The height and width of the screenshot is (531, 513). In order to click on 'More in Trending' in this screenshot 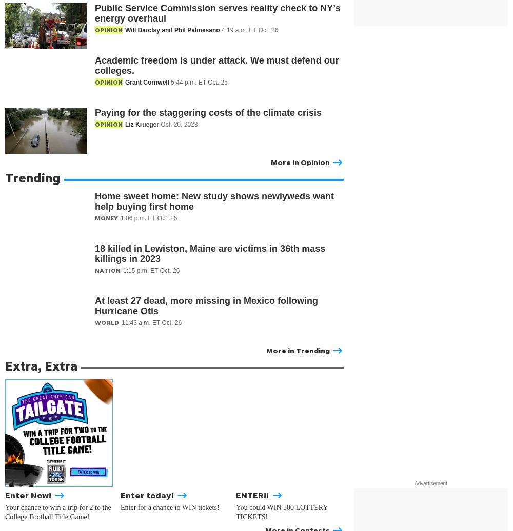, I will do `click(298, 350)`.